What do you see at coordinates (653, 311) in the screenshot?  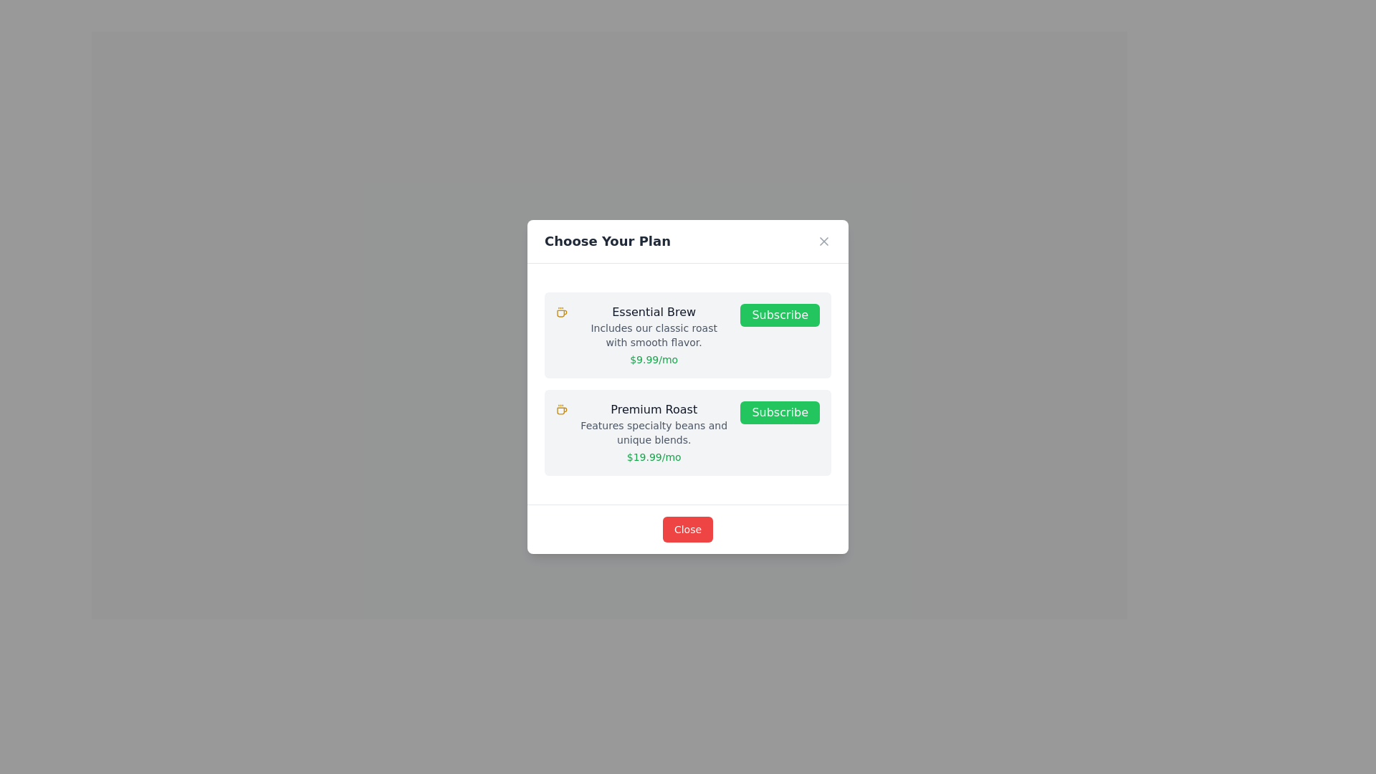 I see `the 'Essential Brew' text label, which is prominently displayed as the title of the description block in the 'Choose Your Plan' dialog` at bounding box center [653, 311].